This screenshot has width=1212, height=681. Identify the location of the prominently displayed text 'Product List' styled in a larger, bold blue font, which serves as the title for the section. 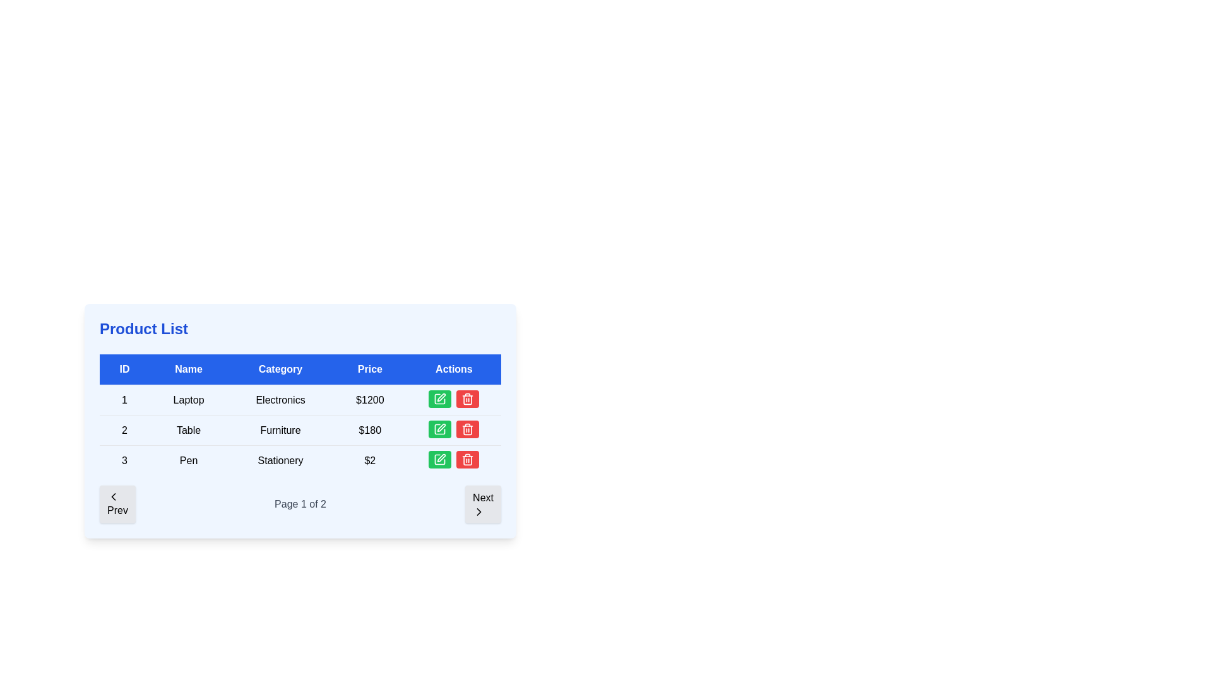
(144, 328).